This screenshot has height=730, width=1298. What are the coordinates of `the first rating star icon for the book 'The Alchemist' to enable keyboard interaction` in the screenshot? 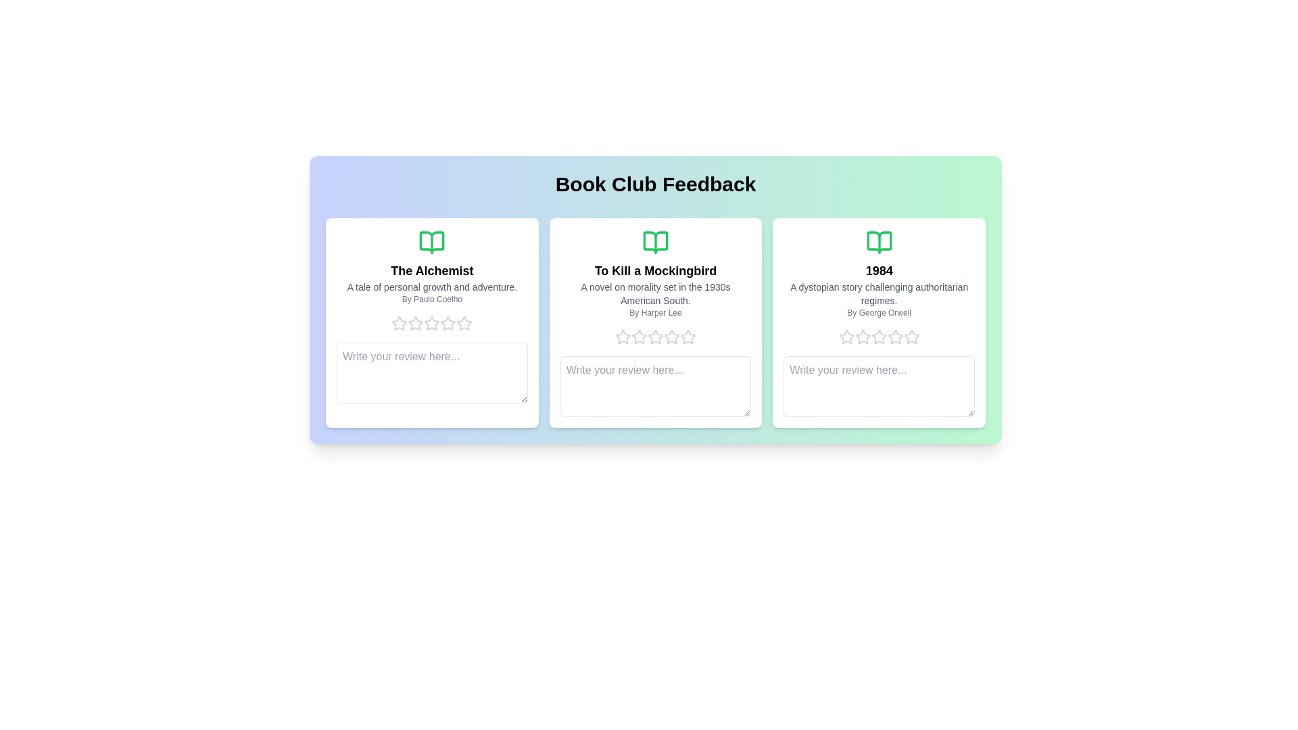 It's located at (415, 323).